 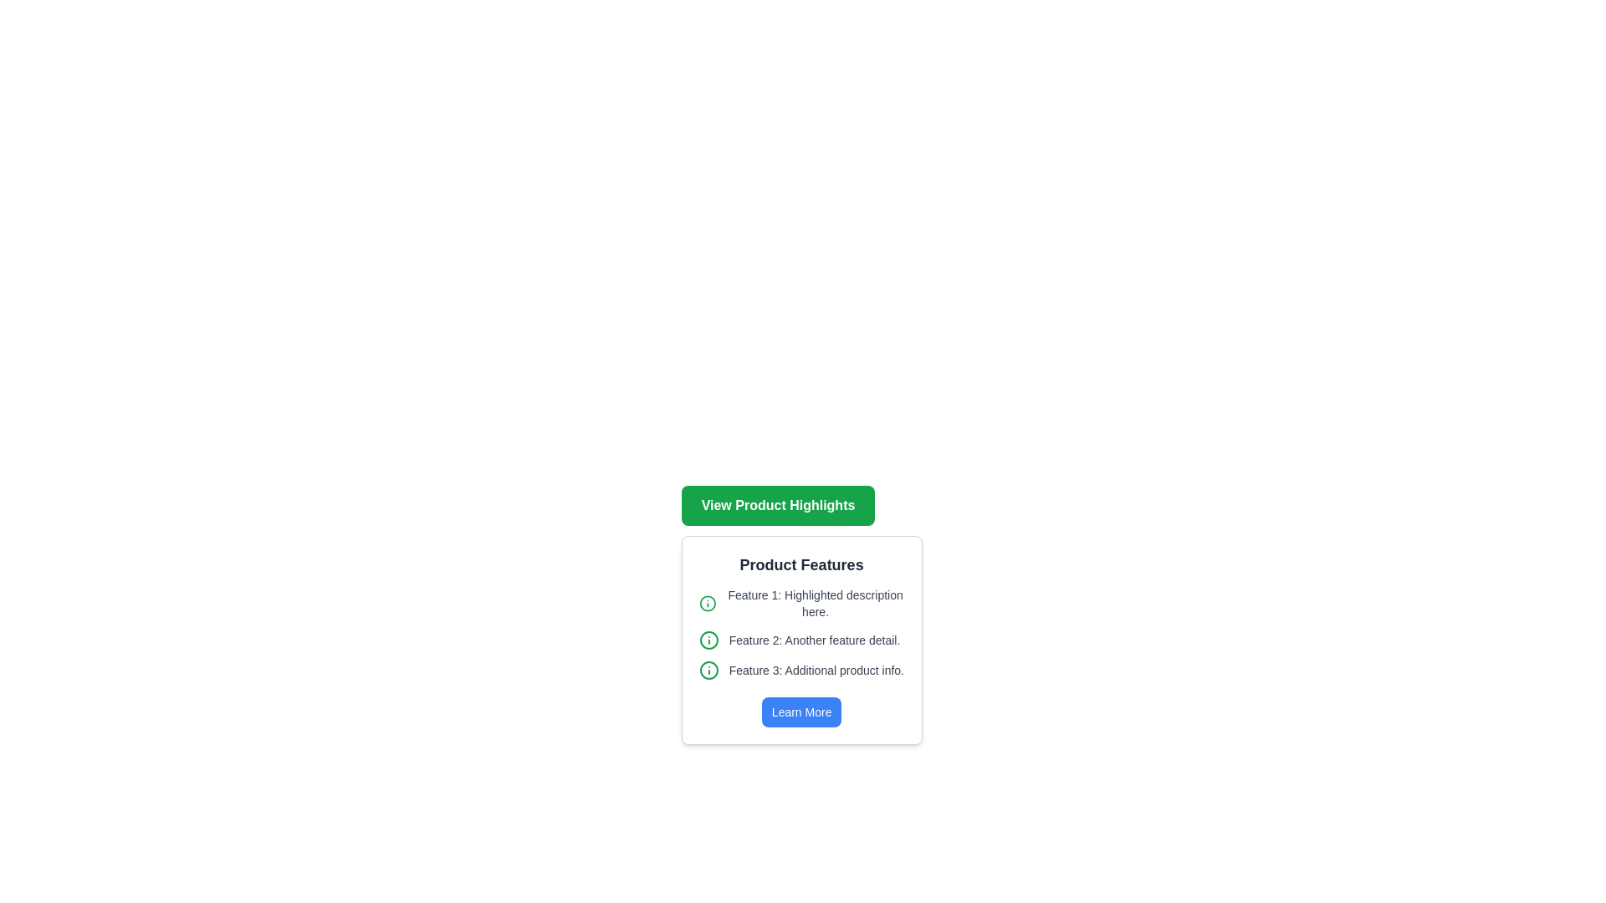 I want to click on the second Informational List Item in the 'Product Features' section, which provides a concise description of a product or service feature, so click(x=800, y=640).